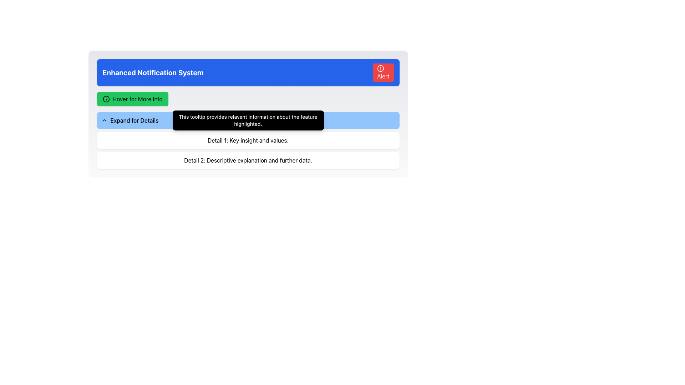 The width and height of the screenshot is (685, 385). I want to click on the tooltip that appears below the 'Hover for More Info' button, so click(248, 99).